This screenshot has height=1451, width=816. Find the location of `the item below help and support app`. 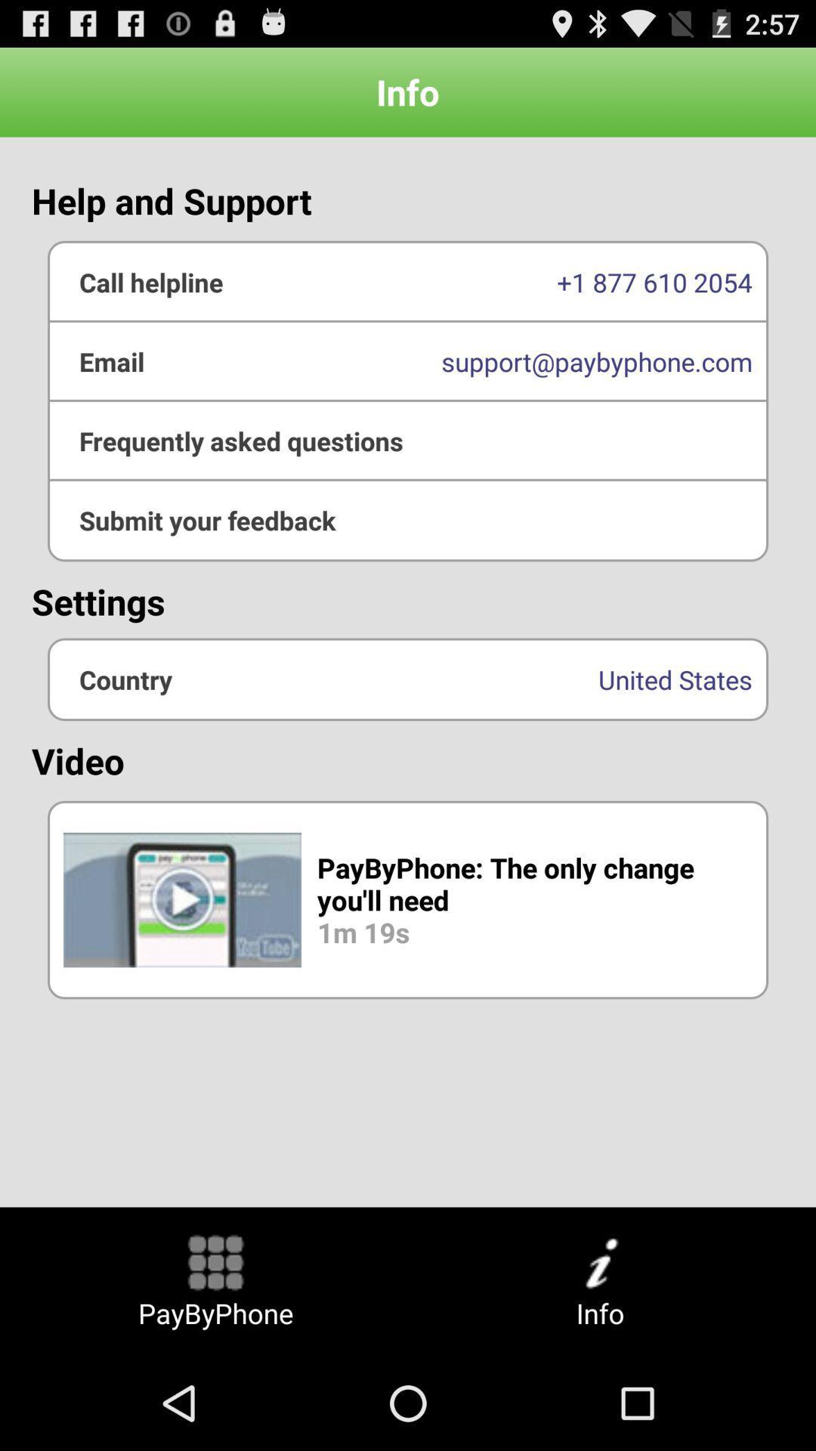

the item below help and support app is located at coordinates (408, 360).